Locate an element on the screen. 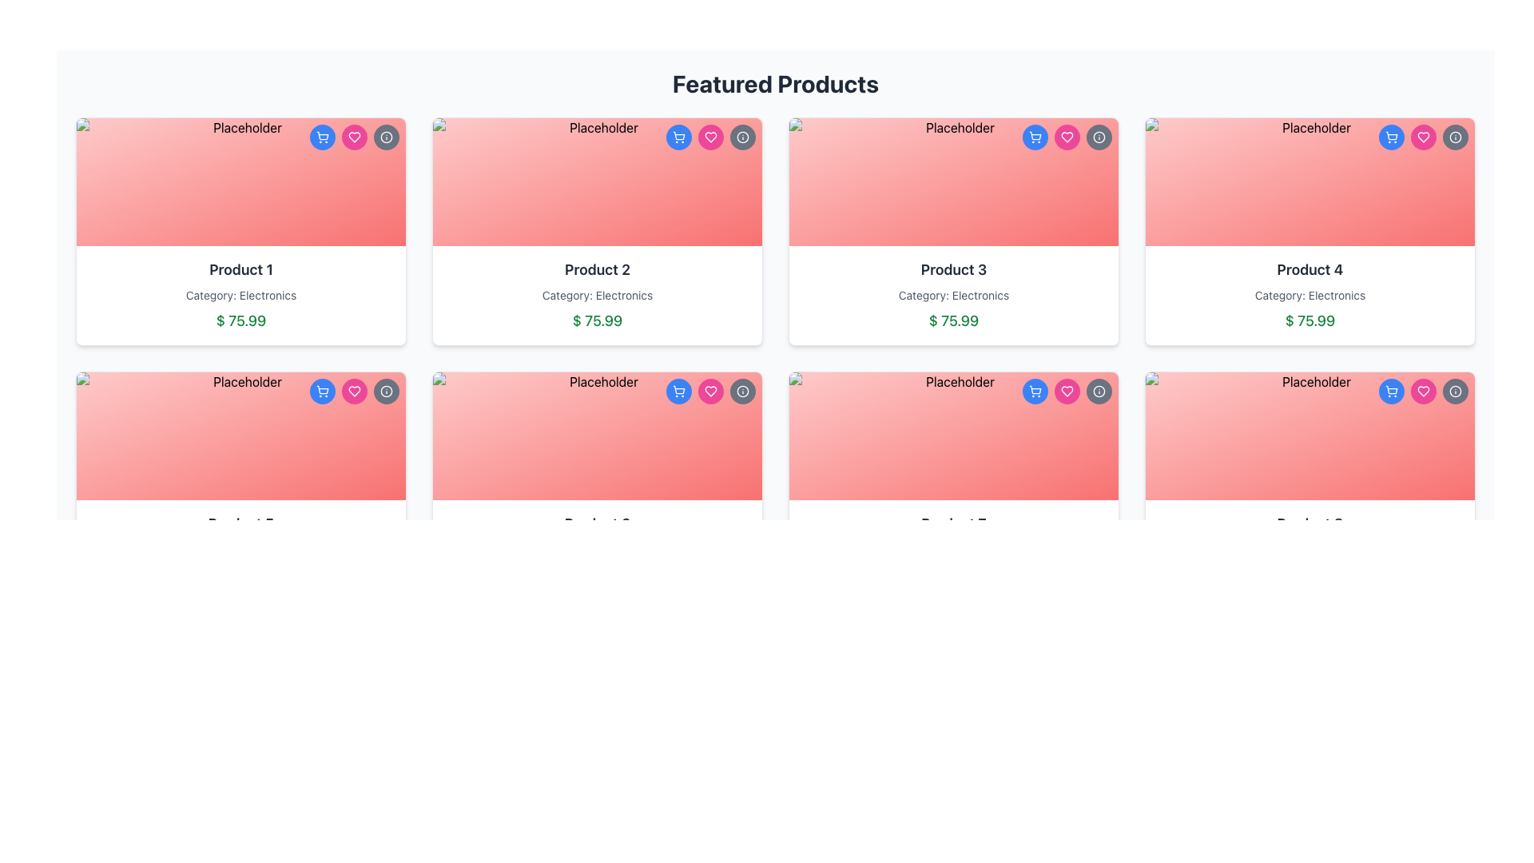 This screenshot has height=863, width=1534. the heart icon in the header section of the product item card in the 'Featured Products' section to mark the product as favorite is located at coordinates (709, 391).